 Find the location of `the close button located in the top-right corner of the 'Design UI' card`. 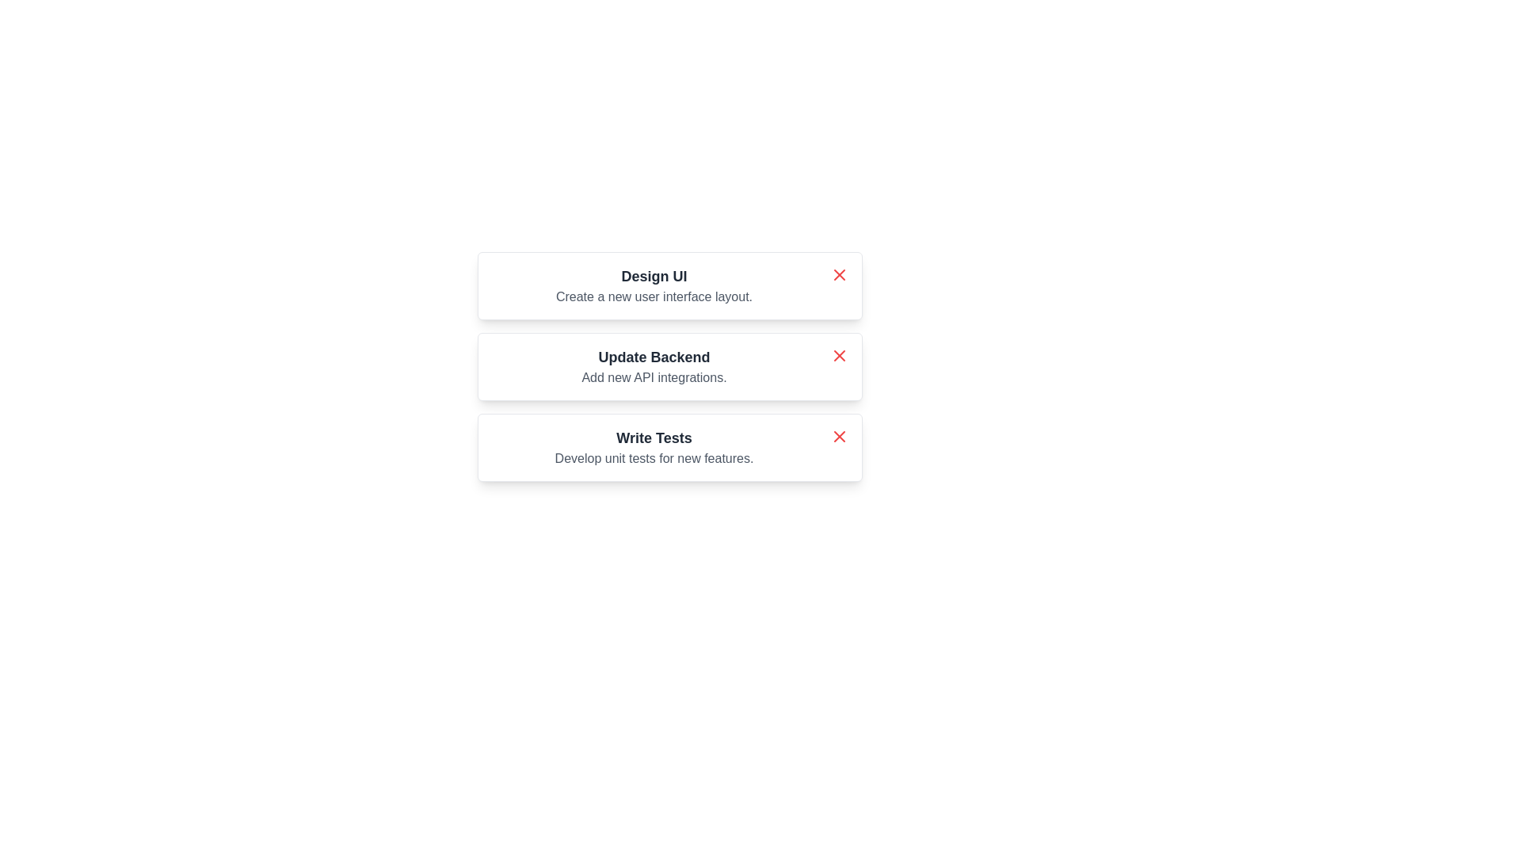

the close button located in the top-right corner of the 'Design UI' card is located at coordinates (839, 274).